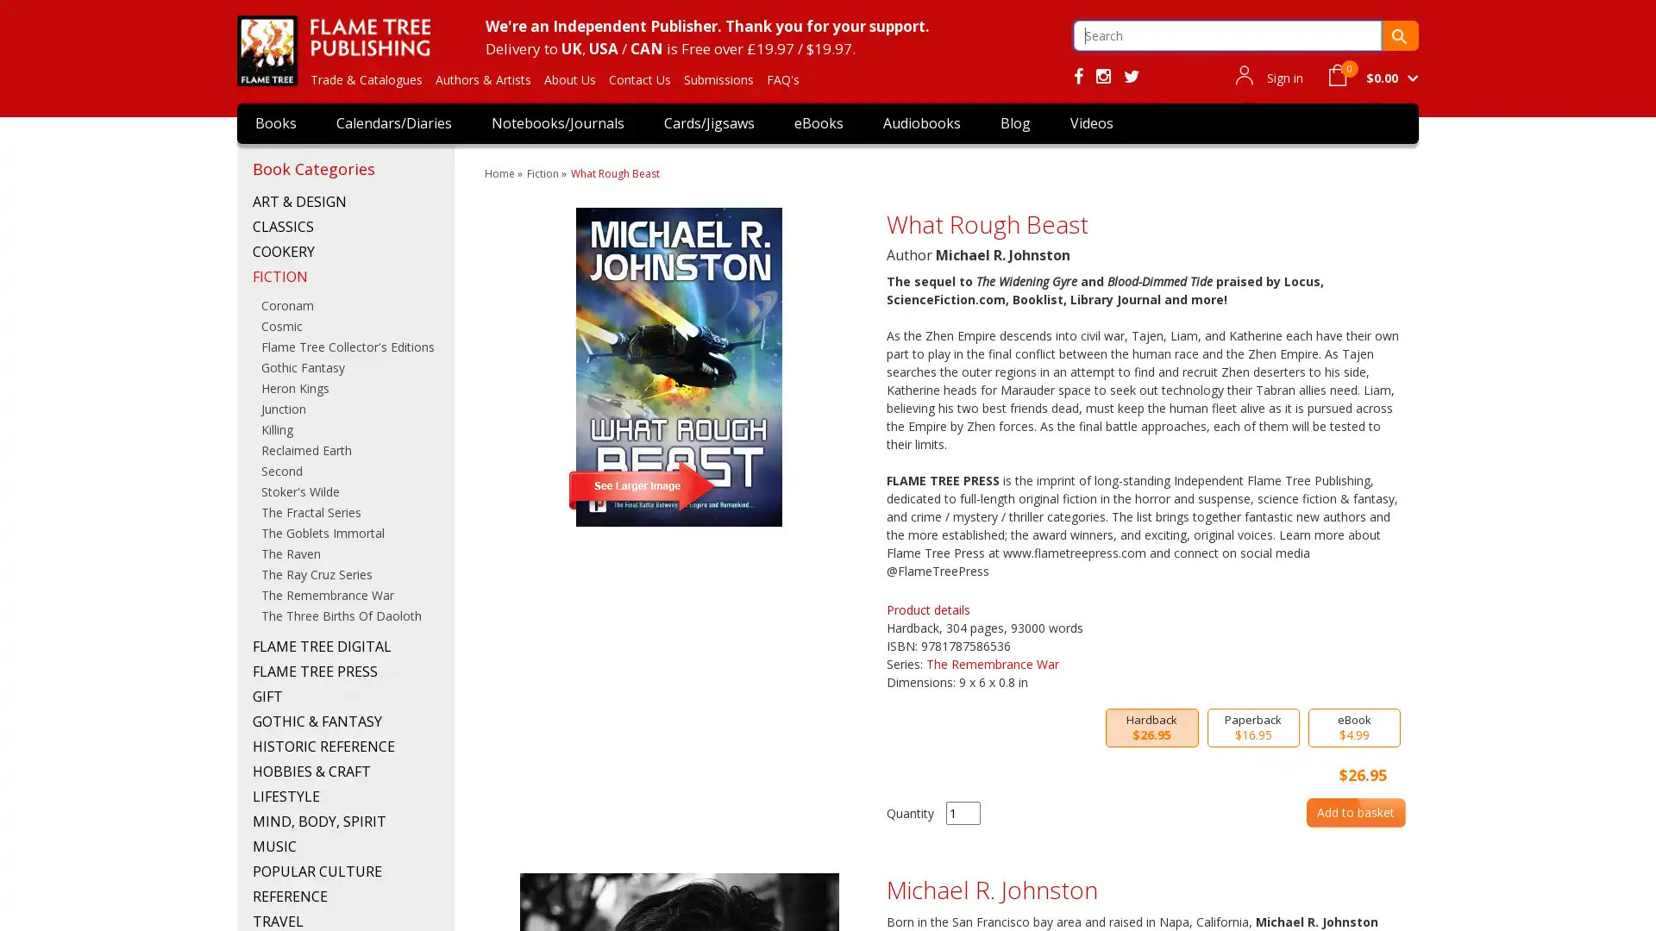  What do you see at coordinates (1354, 812) in the screenshot?
I see `Add to basket` at bounding box center [1354, 812].